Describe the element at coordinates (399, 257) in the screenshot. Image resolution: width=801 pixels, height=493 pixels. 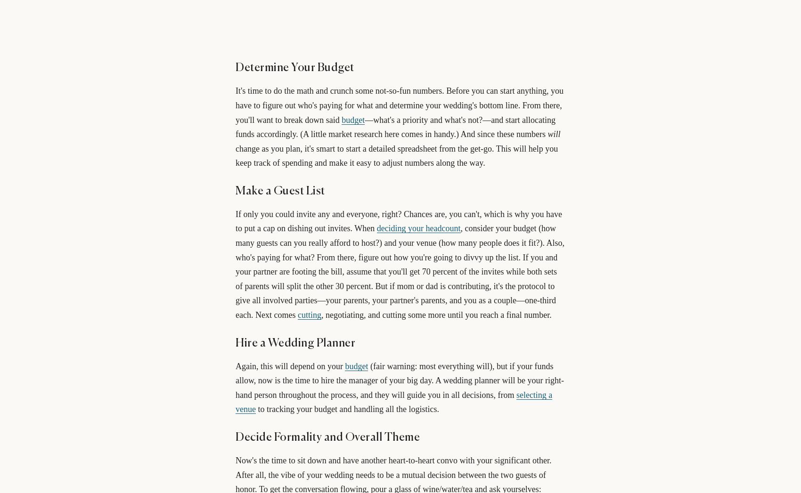
I see `', consider your budget (how many guests can you really afford to host?) and your venue (how many people does it fit?). Also, who's paying for what? From there, figure out how you're going to divvy up the list. If you and your partner are footing the bill, assume that you'll get 70 percent of the invites while both sets of parents will split the other 30 percent.'` at that location.